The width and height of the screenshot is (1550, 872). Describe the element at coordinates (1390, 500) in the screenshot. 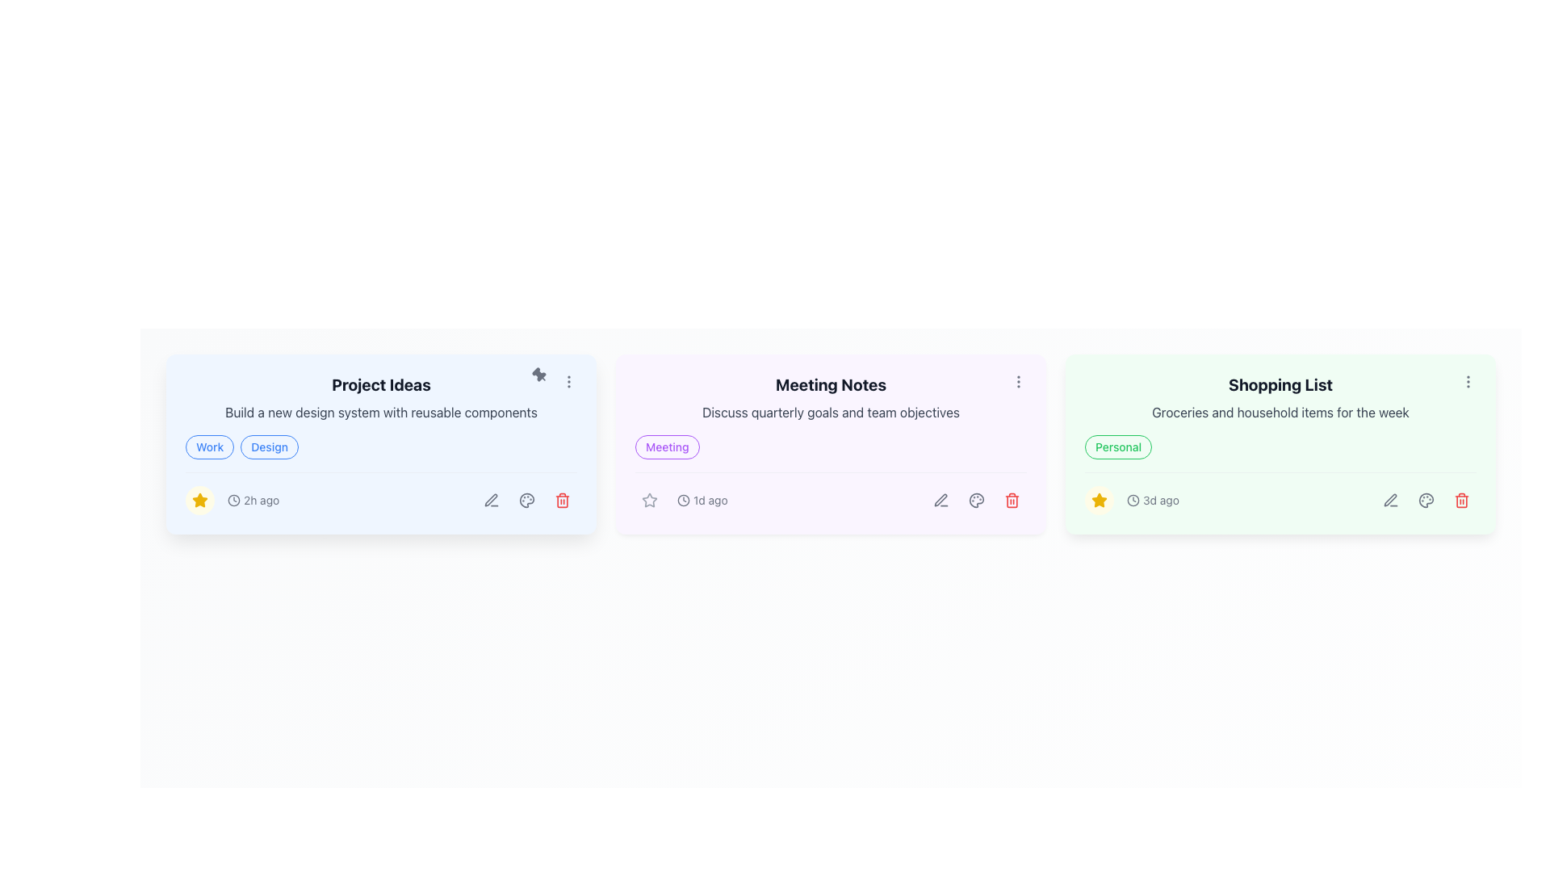

I see `the pen-shaped icon button located at the bottom action bar of the 'Shopping List' card to initiate editing functionality` at that location.